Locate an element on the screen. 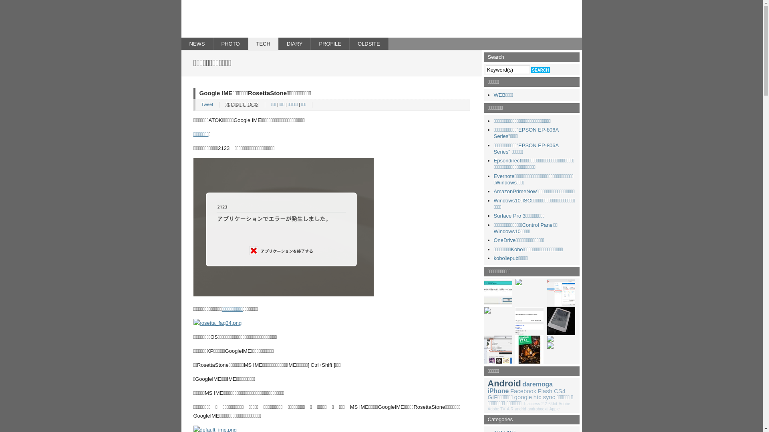 The image size is (769, 432). 'Facebook' is located at coordinates (523, 391).